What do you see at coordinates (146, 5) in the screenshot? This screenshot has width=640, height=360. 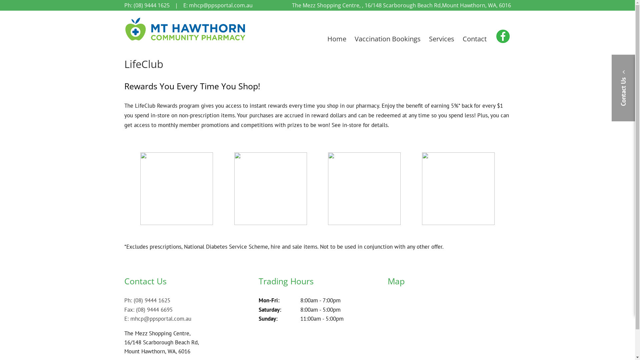 I see `'Ph: (08) 9444 1625'` at bounding box center [146, 5].